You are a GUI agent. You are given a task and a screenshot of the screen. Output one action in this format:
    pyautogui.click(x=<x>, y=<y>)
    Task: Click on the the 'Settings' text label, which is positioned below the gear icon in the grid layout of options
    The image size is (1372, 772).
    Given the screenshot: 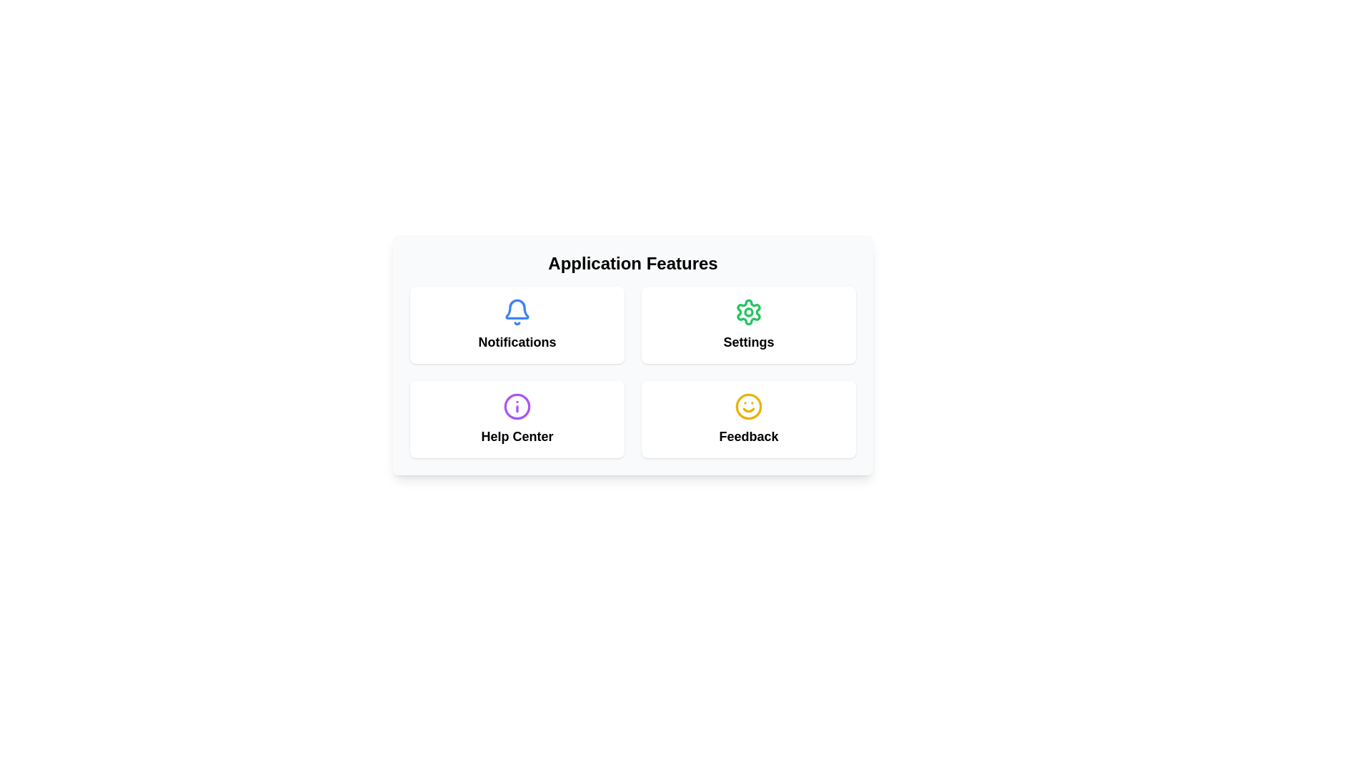 What is the action you would take?
    pyautogui.click(x=747, y=342)
    